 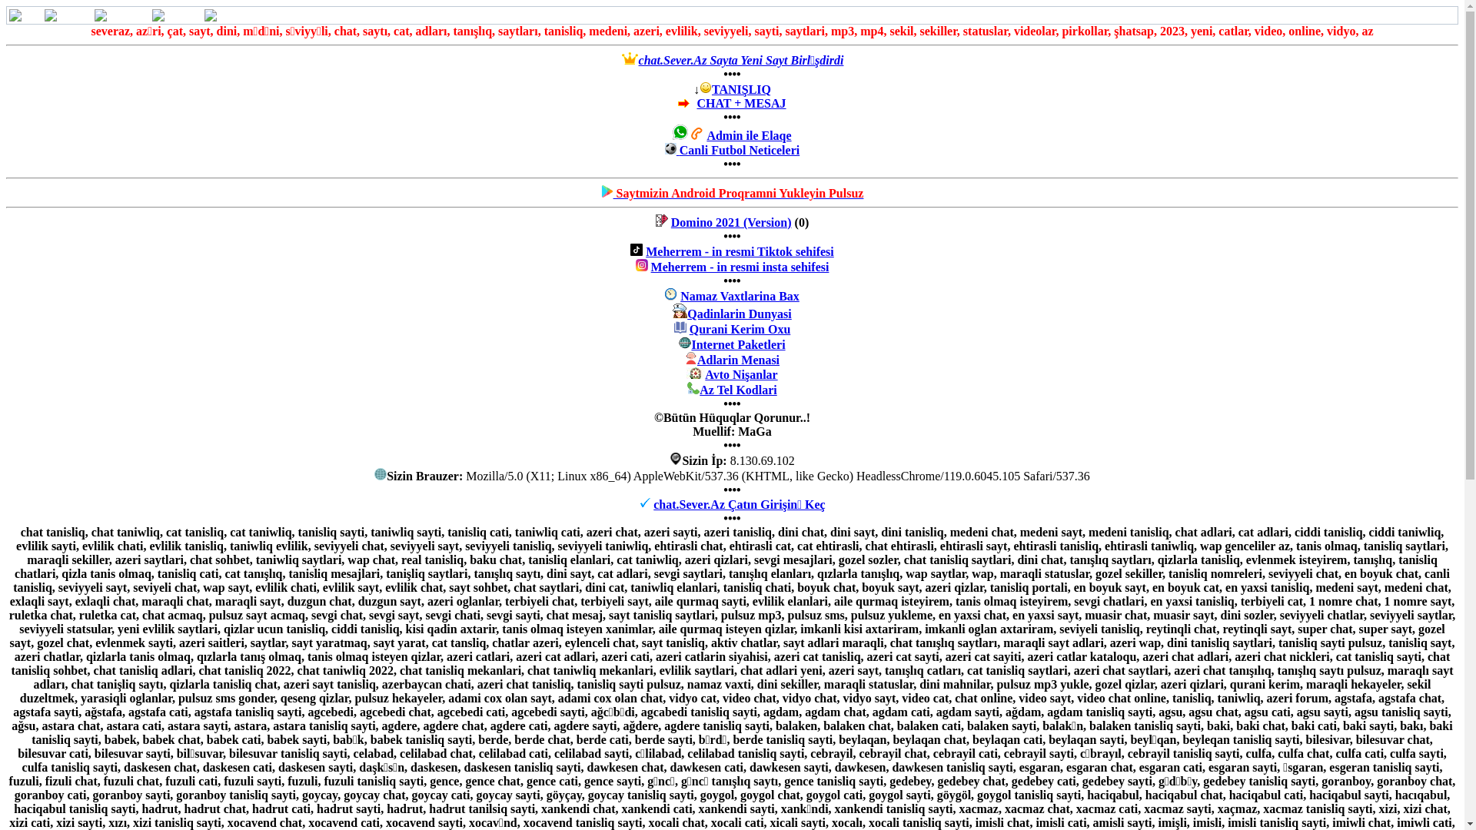 I want to click on 'CHAT + MESAJ', so click(x=696, y=103).